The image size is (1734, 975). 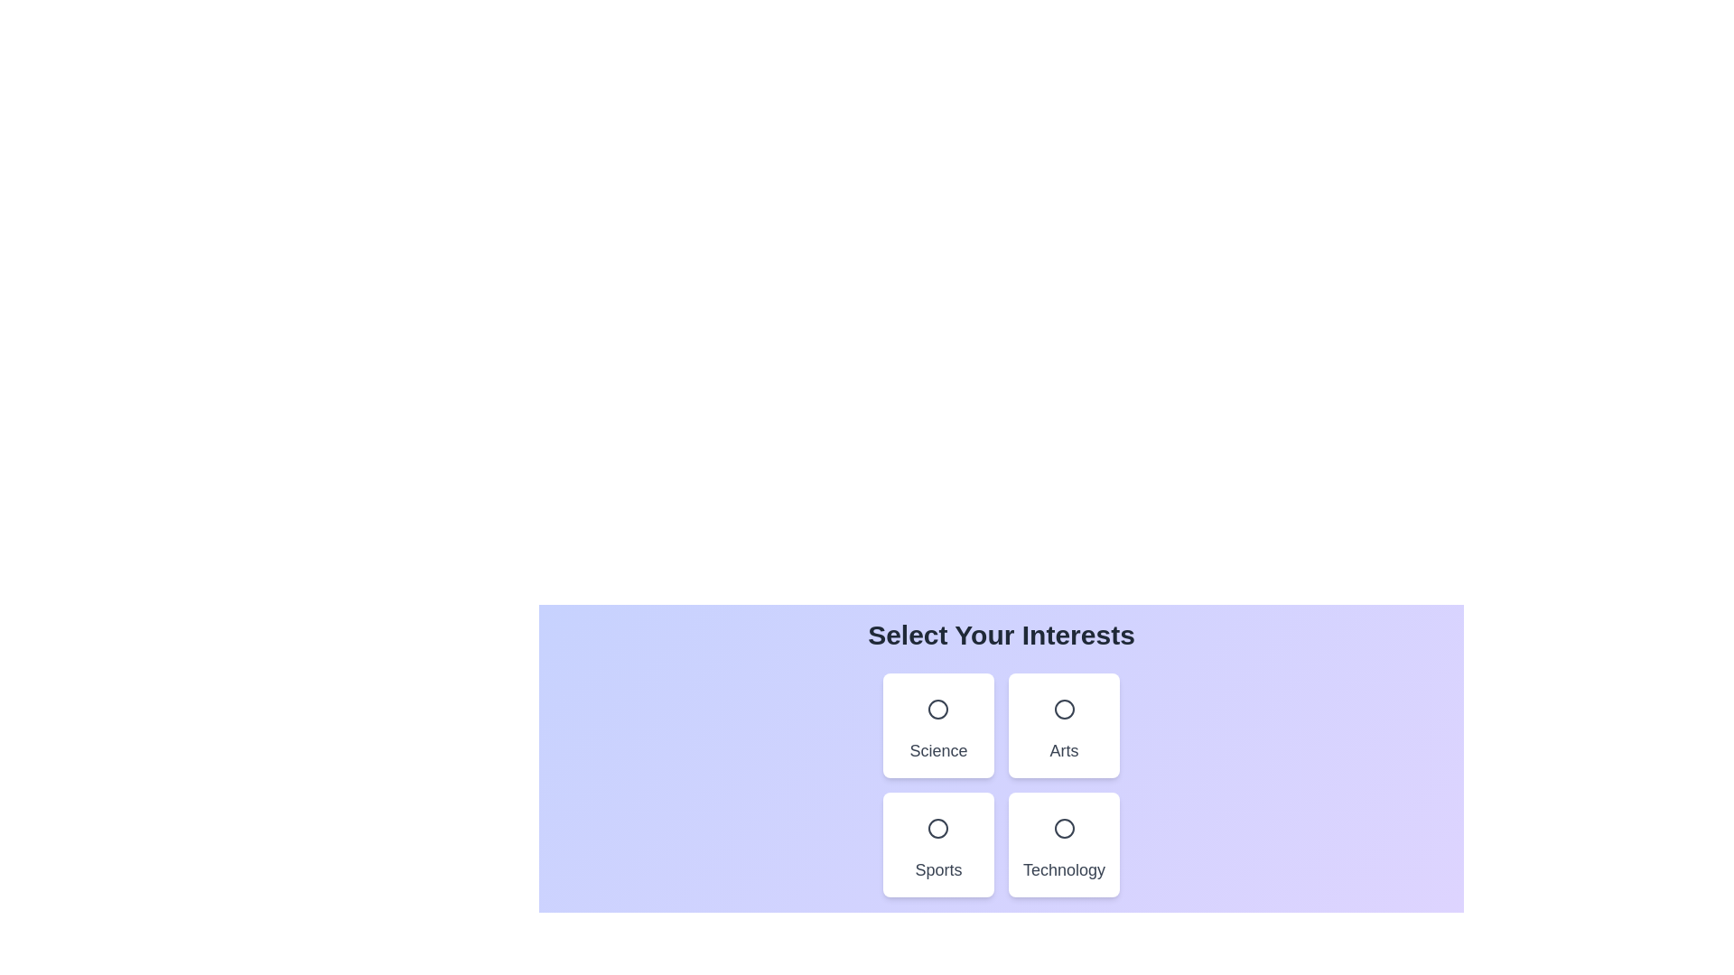 I want to click on the card representing the Technology category, so click(x=1064, y=845).